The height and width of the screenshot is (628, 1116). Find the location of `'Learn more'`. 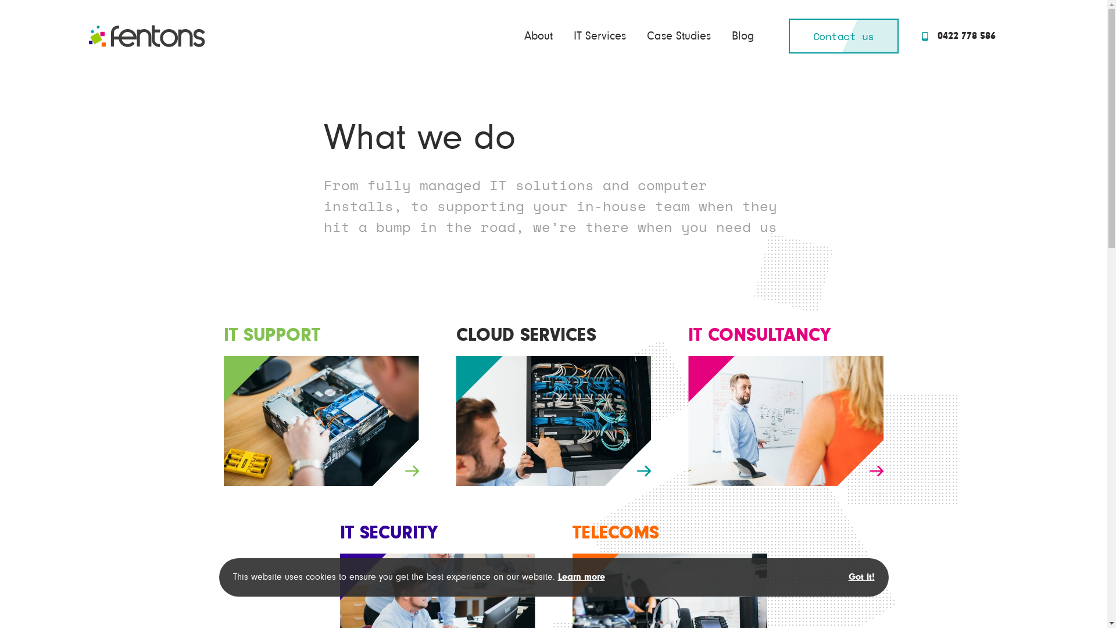

'Learn more' is located at coordinates (558, 576).